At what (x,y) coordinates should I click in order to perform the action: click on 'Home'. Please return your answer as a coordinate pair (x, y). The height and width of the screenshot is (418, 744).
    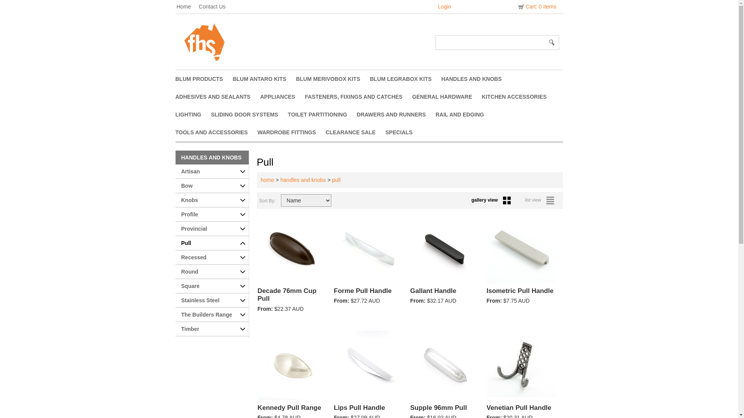
    Looking at the image, I should click on (188, 6).